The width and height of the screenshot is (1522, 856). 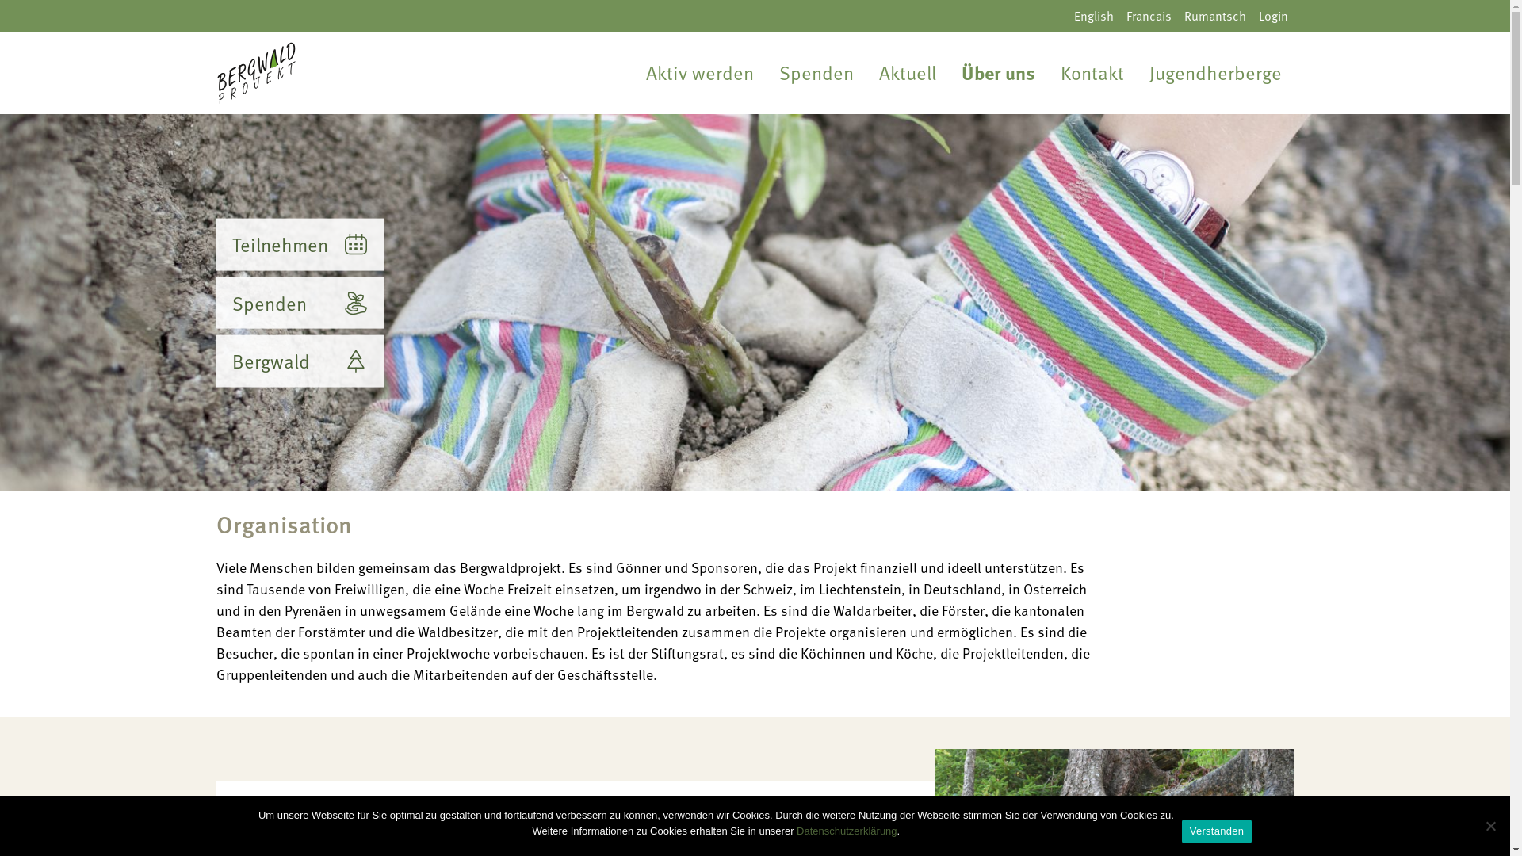 What do you see at coordinates (906, 73) in the screenshot?
I see `'Aktuell'` at bounding box center [906, 73].